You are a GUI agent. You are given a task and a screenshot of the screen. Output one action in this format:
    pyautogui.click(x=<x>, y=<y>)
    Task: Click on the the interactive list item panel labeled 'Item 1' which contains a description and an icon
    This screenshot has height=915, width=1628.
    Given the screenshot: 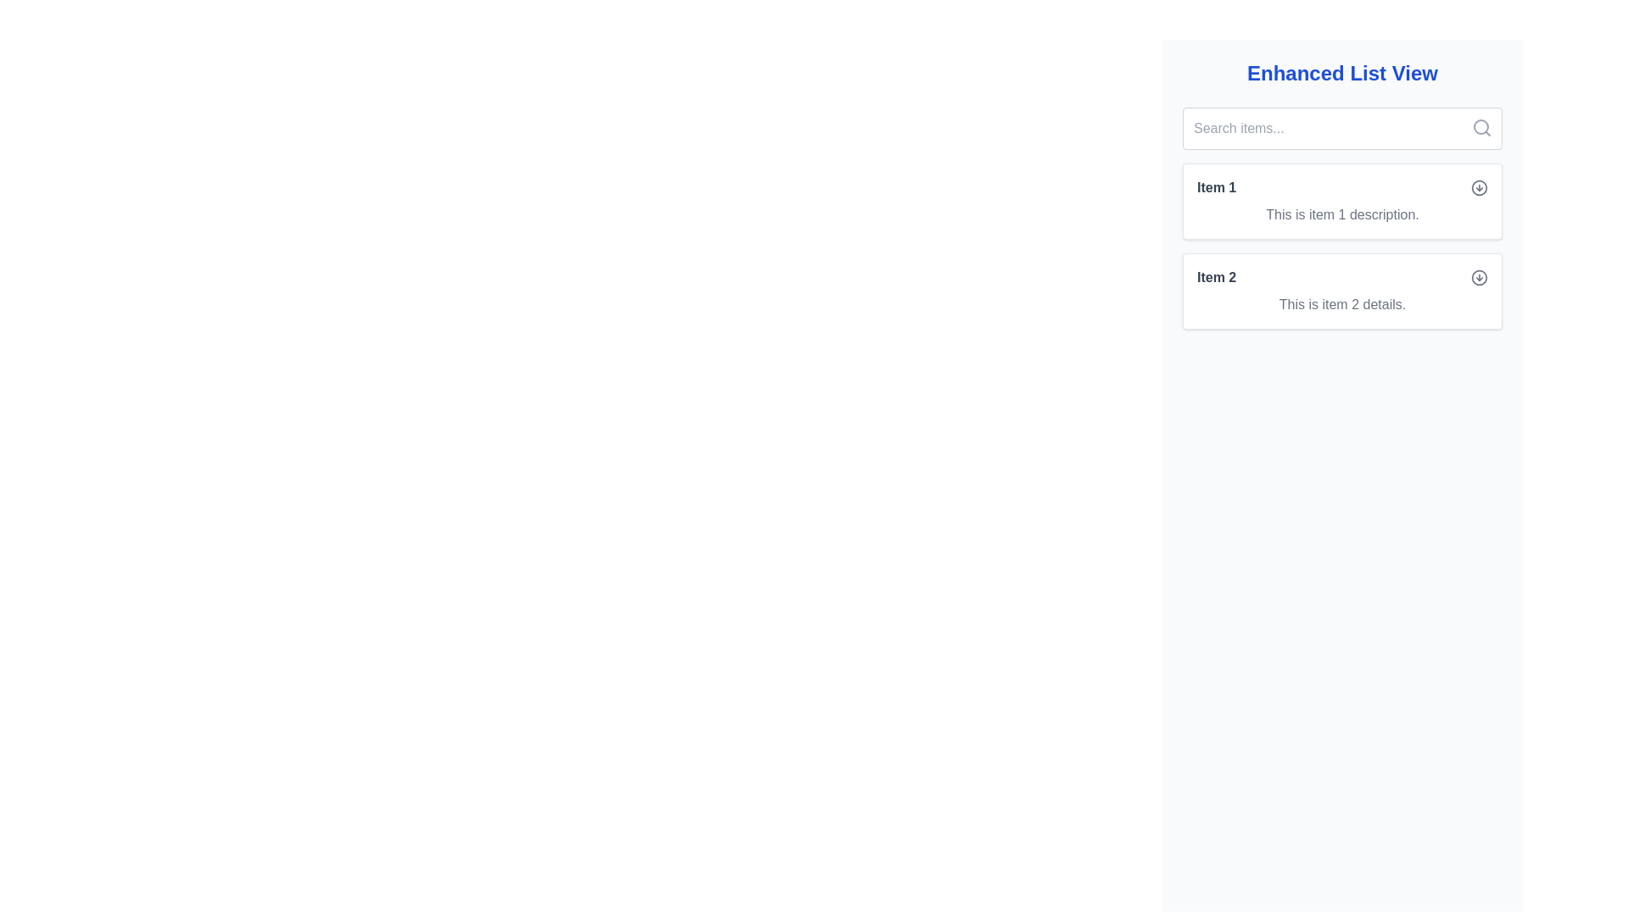 What is the action you would take?
    pyautogui.click(x=1341, y=201)
    